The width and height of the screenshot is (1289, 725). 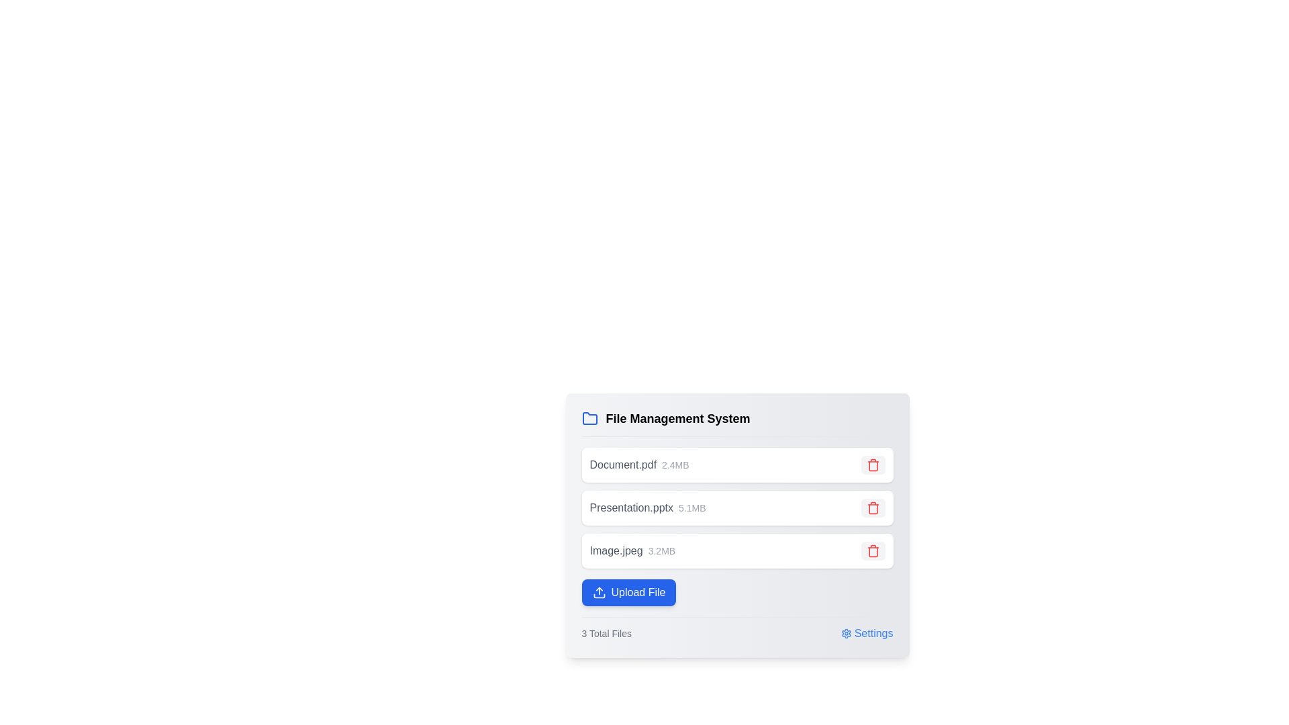 I want to click on the trash can icon outlined in red, which resembles a standard trash bin, located to the right of the filename 'Document.pdf', so click(x=873, y=507).